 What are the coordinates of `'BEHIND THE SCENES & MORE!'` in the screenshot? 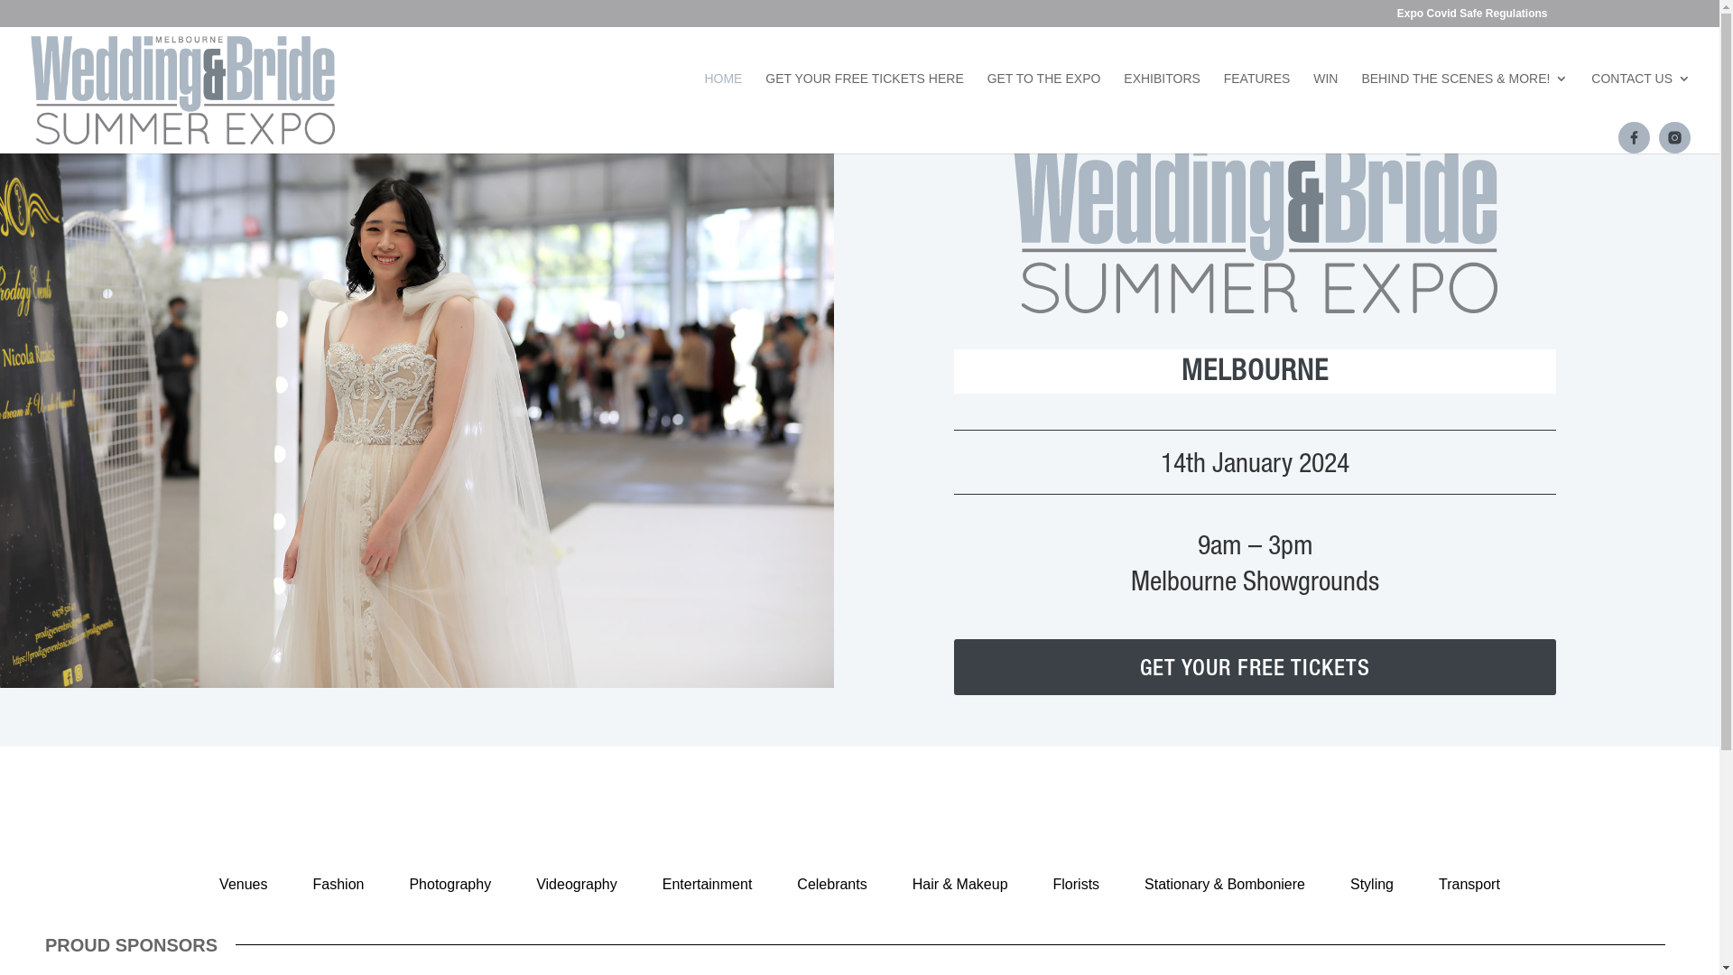 It's located at (1360, 100).